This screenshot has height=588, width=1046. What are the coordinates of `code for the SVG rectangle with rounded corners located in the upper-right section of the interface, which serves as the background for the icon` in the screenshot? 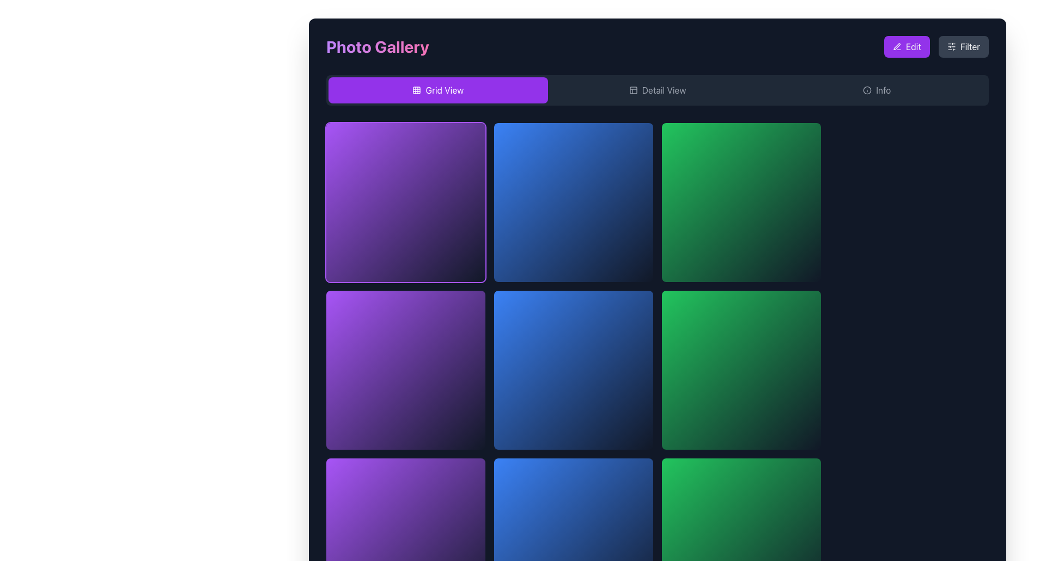 It's located at (633, 89).